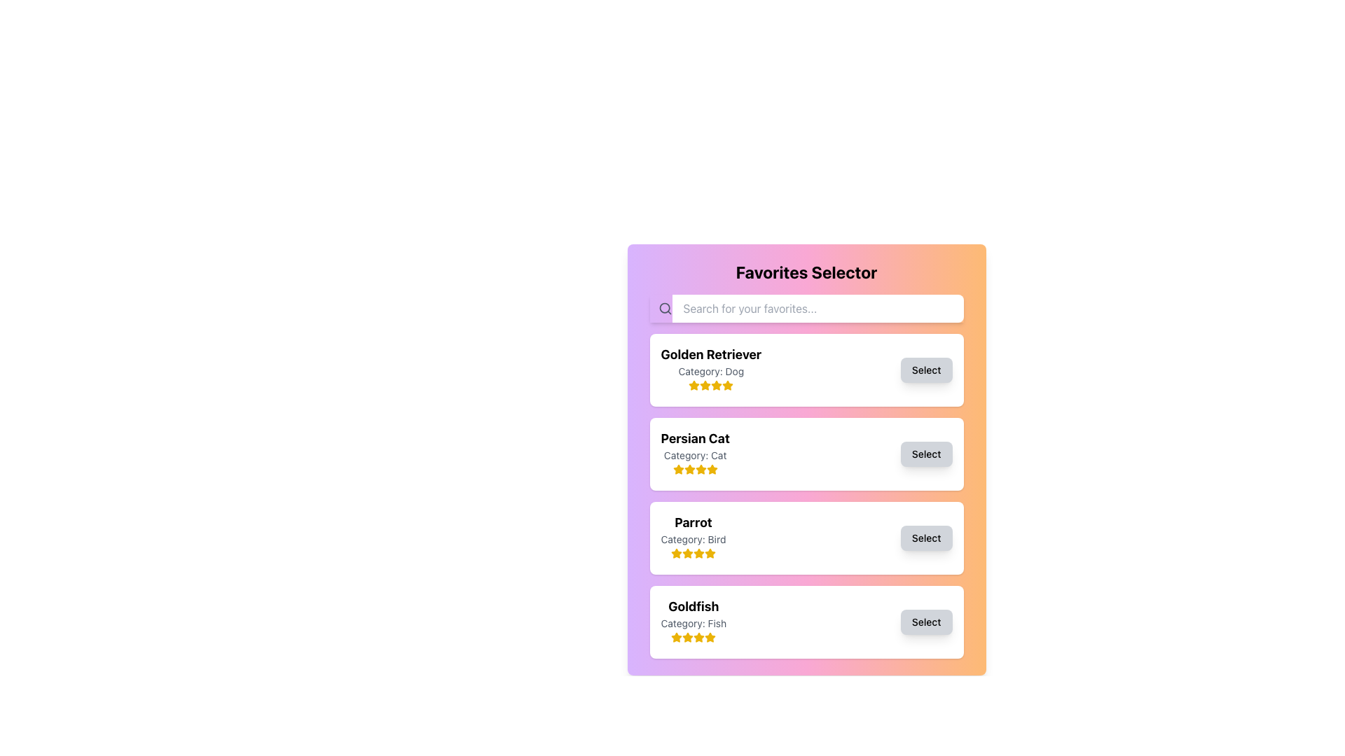 Image resolution: width=1345 pixels, height=756 pixels. What do you see at coordinates (676, 552) in the screenshot?
I see `the third yellow star icon representing one unit of the five-star rating system for the 'Parrot' item, located in the third card of the 'Favorites Selector' UI` at bounding box center [676, 552].